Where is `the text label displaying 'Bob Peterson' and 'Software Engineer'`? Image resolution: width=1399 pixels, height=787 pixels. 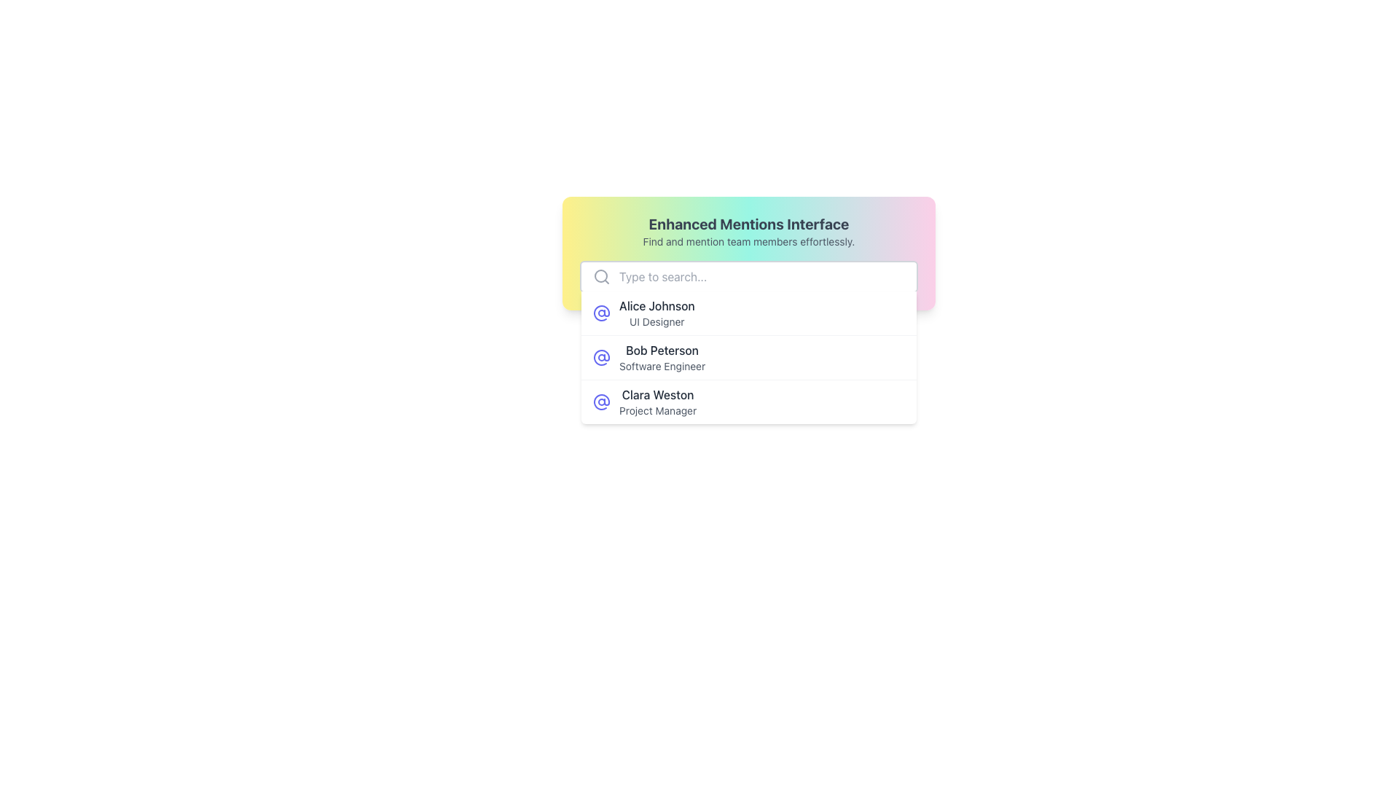 the text label displaying 'Bob Peterson' and 'Software Engineer' is located at coordinates (662, 357).